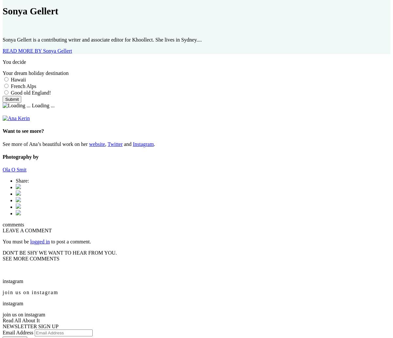  Describe the element at coordinates (143, 144) in the screenshot. I see `'Instagram'` at that location.